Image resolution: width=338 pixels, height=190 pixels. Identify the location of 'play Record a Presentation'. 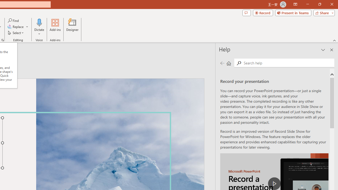
(274, 183).